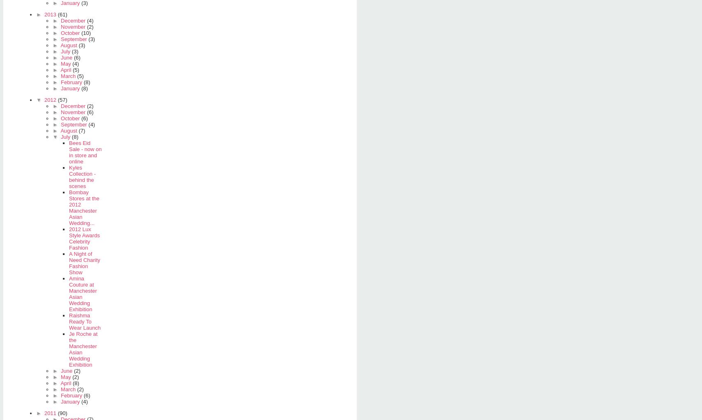 This screenshot has width=702, height=420. What do you see at coordinates (83, 349) in the screenshot?
I see `'Je Roche at the Manchester Asian Wedding Exhibition'` at bounding box center [83, 349].